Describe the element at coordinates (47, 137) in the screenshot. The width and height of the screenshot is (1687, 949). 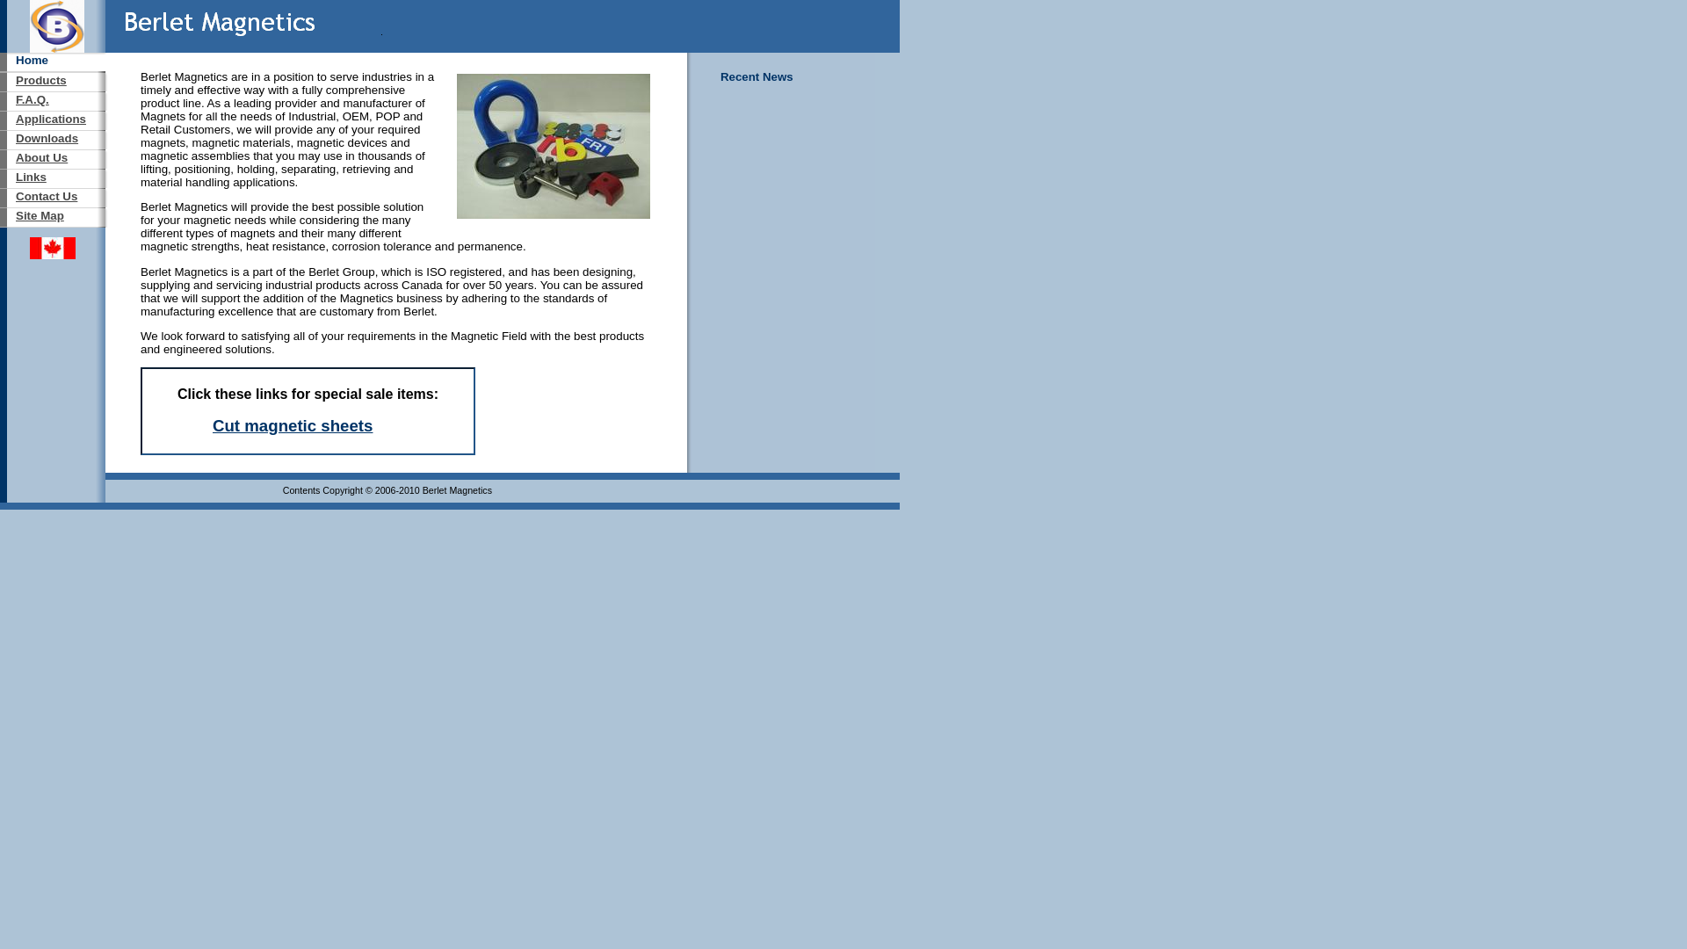
I see `'Downloads'` at that location.